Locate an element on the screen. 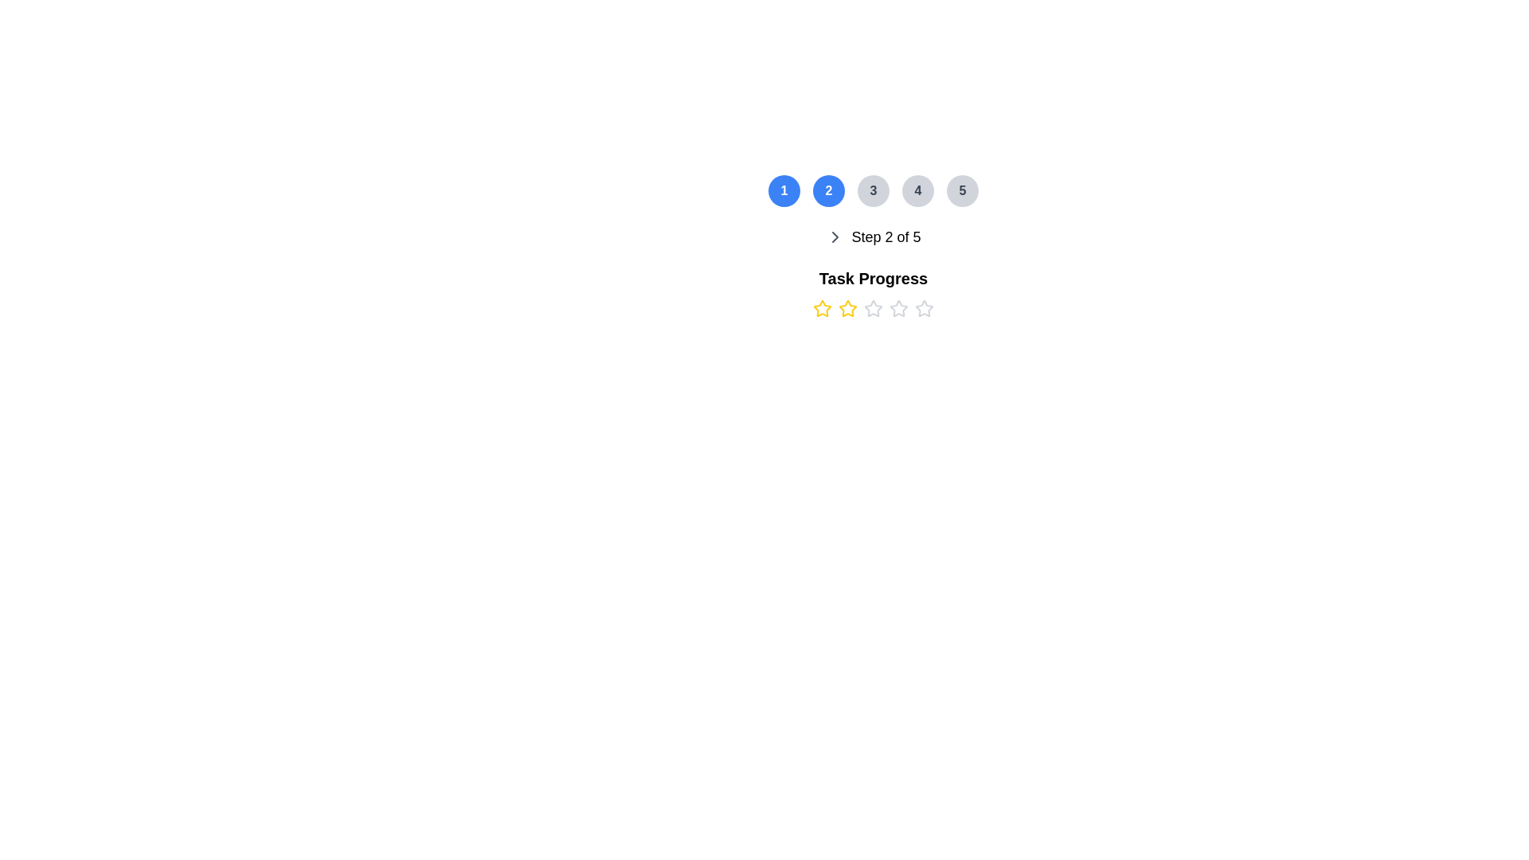 The width and height of the screenshot is (1529, 860). the first circular button, which has a blue background and displays the number '1', to navigate steps is located at coordinates (784, 190).